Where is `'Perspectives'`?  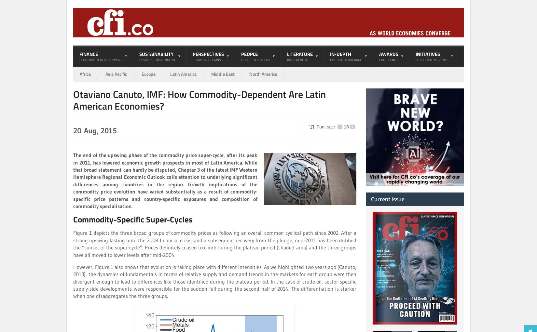
'Perspectives' is located at coordinates (208, 53).